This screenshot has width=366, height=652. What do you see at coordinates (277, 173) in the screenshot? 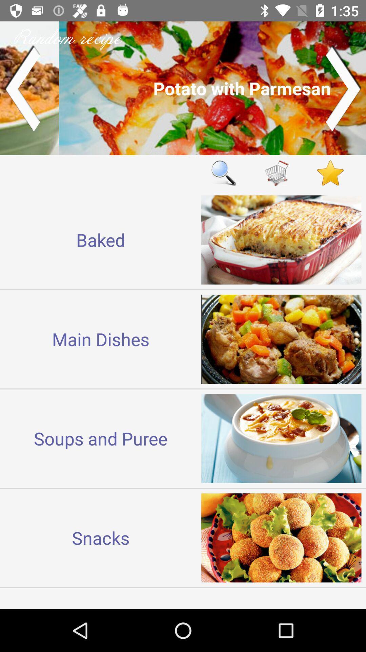
I see `shopping cart` at bounding box center [277, 173].